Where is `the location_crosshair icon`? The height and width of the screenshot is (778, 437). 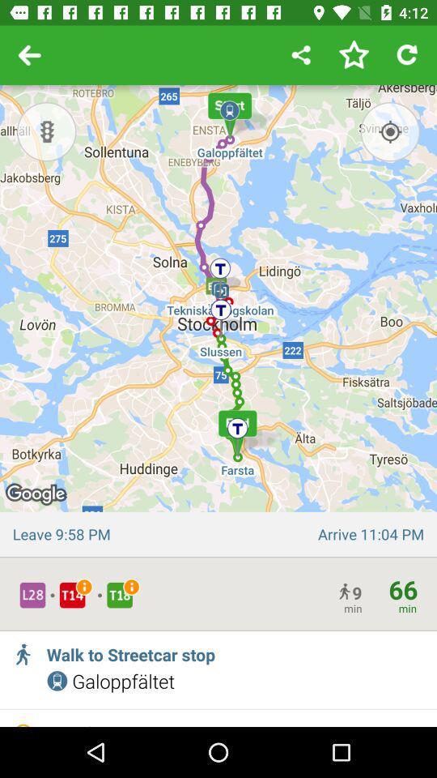 the location_crosshair icon is located at coordinates (389, 130).